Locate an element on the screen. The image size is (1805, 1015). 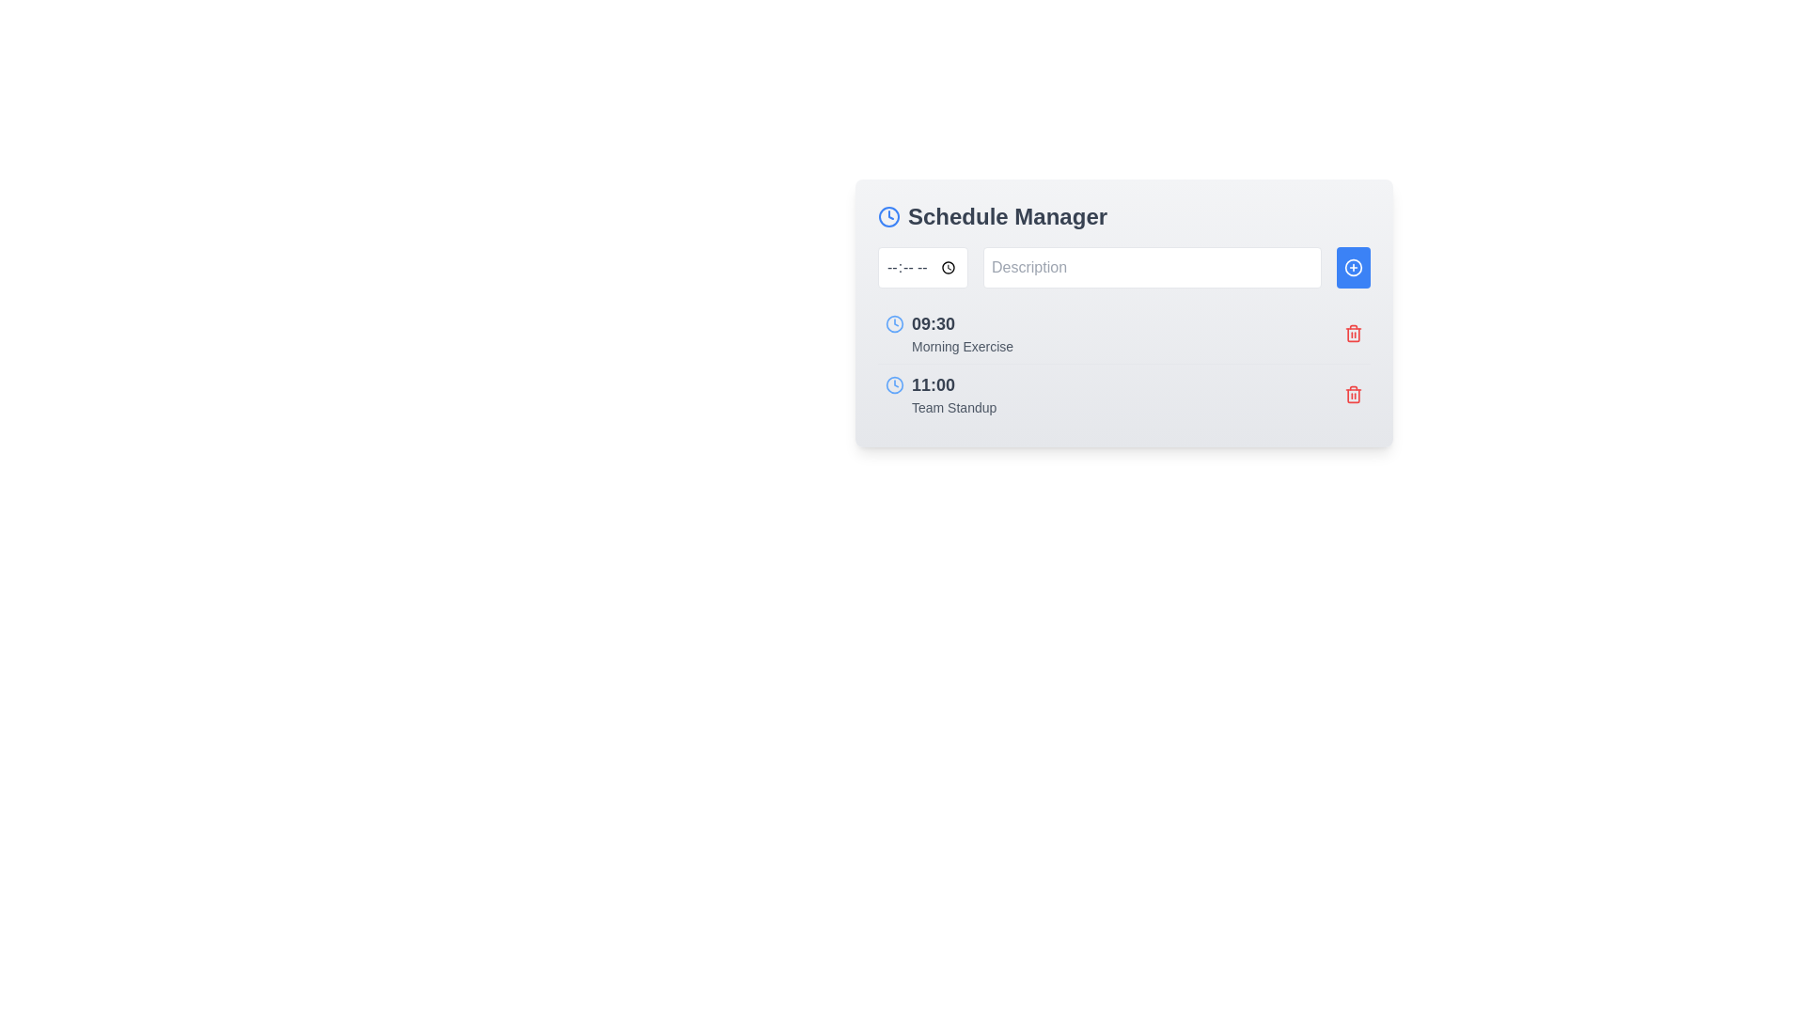
the Text label that conveys the title of the event or activity scheduled at 09:30, located in the second row of the schedule list is located at coordinates (950, 347).